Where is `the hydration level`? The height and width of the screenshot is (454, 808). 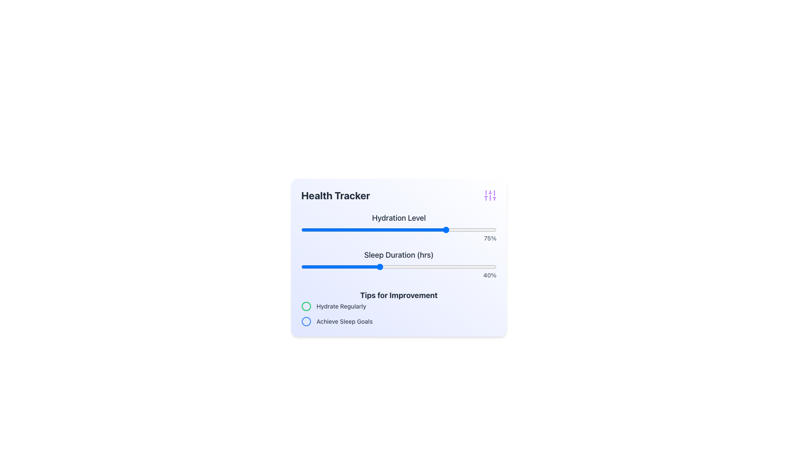 the hydration level is located at coordinates (400, 230).